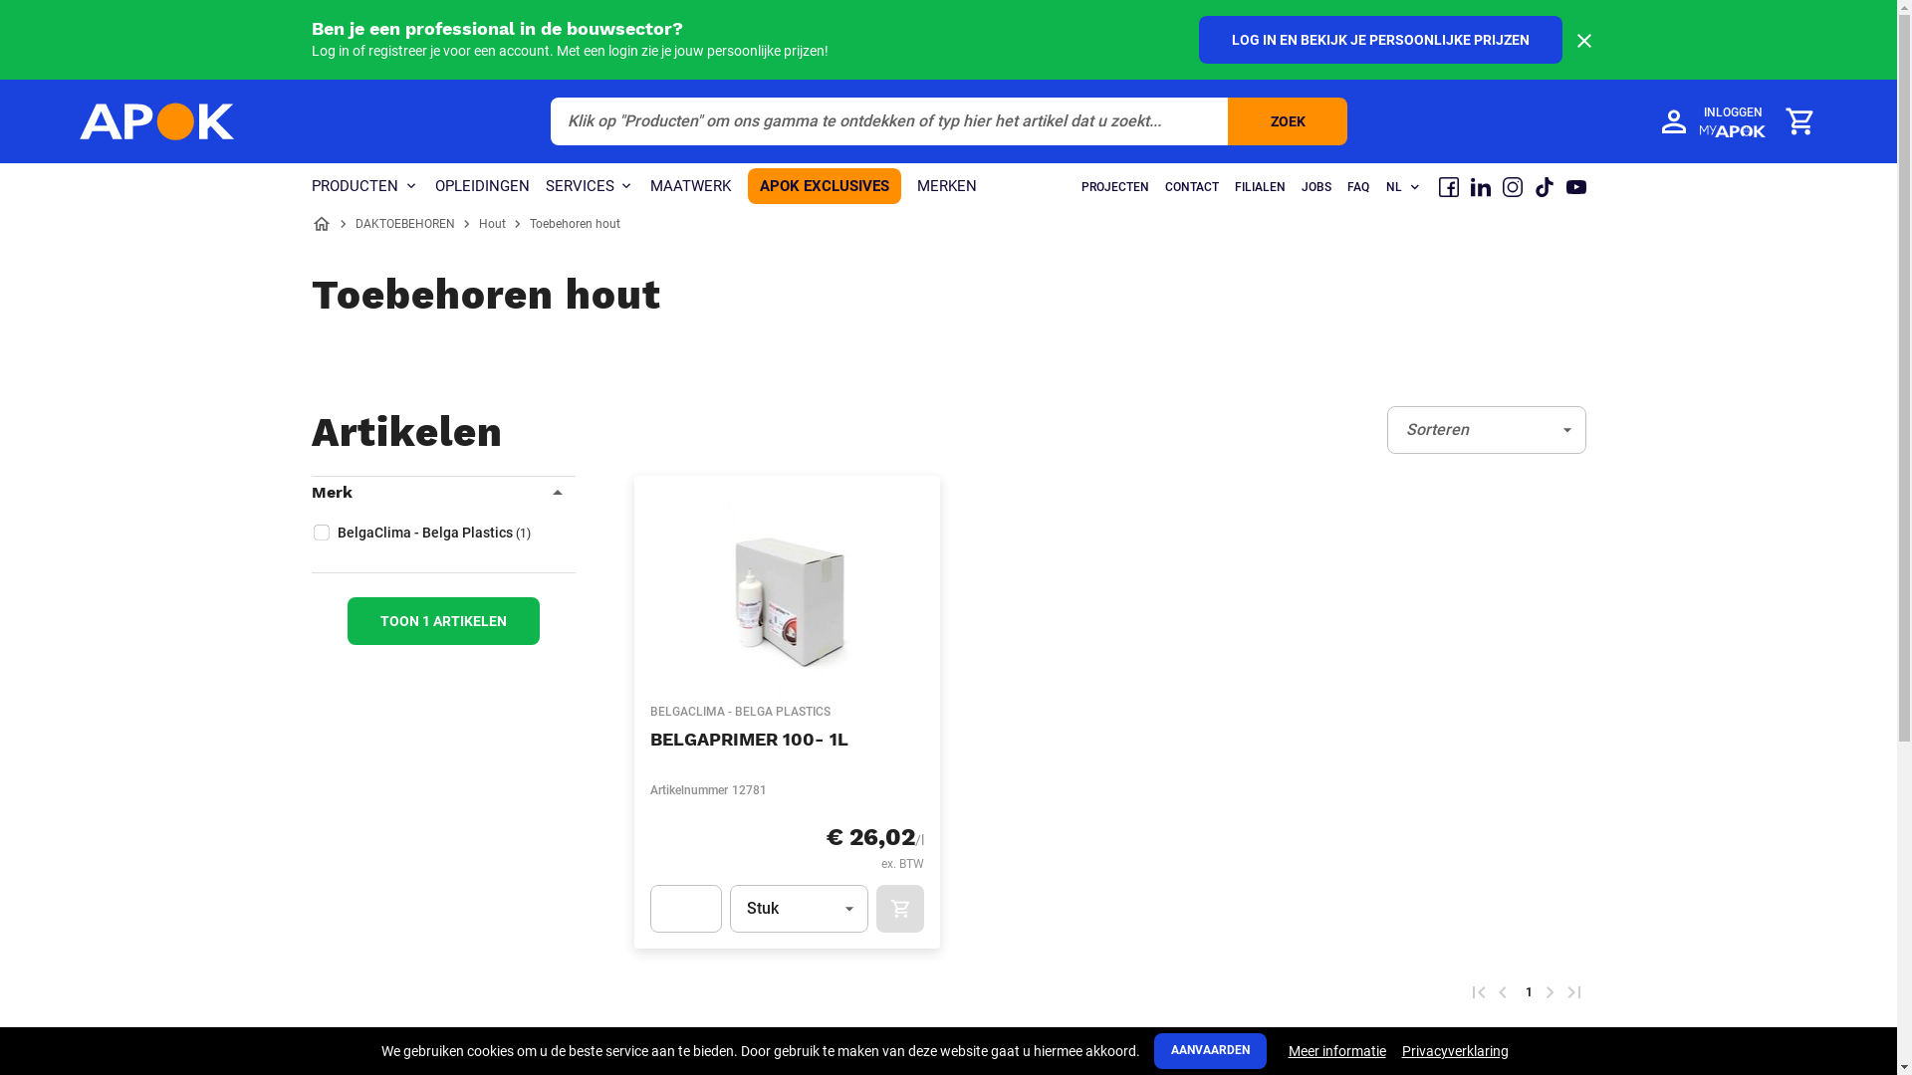 The height and width of the screenshot is (1075, 1912). Describe the element at coordinates (1191, 187) in the screenshot. I see `'CONTACT'` at that location.